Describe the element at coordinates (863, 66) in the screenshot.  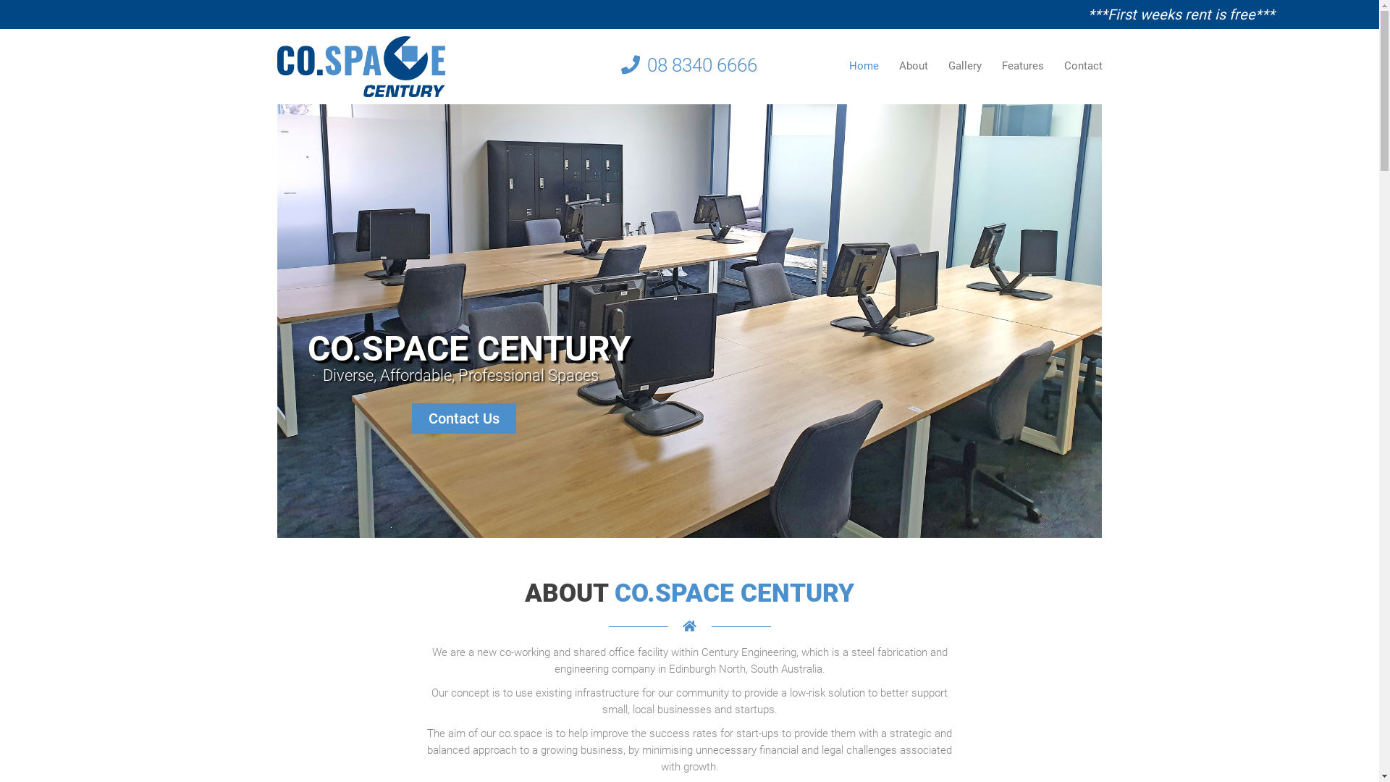
I see `'Home'` at that location.